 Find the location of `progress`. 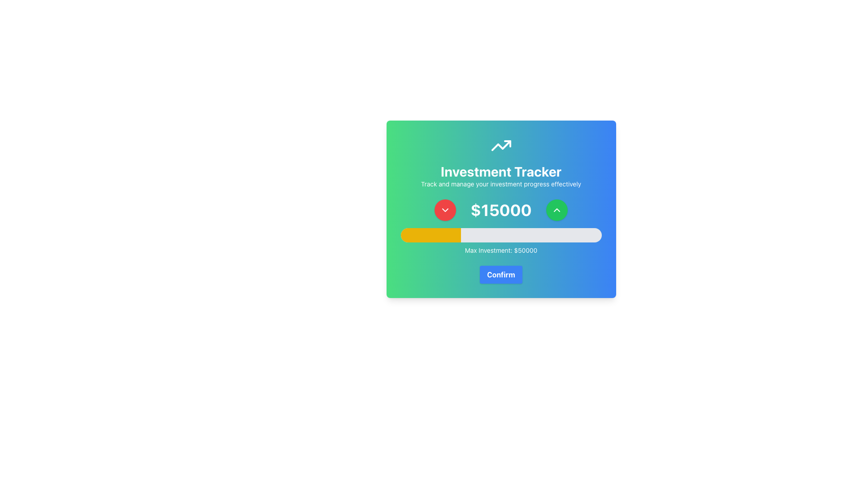

progress is located at coordinates (487, 234).